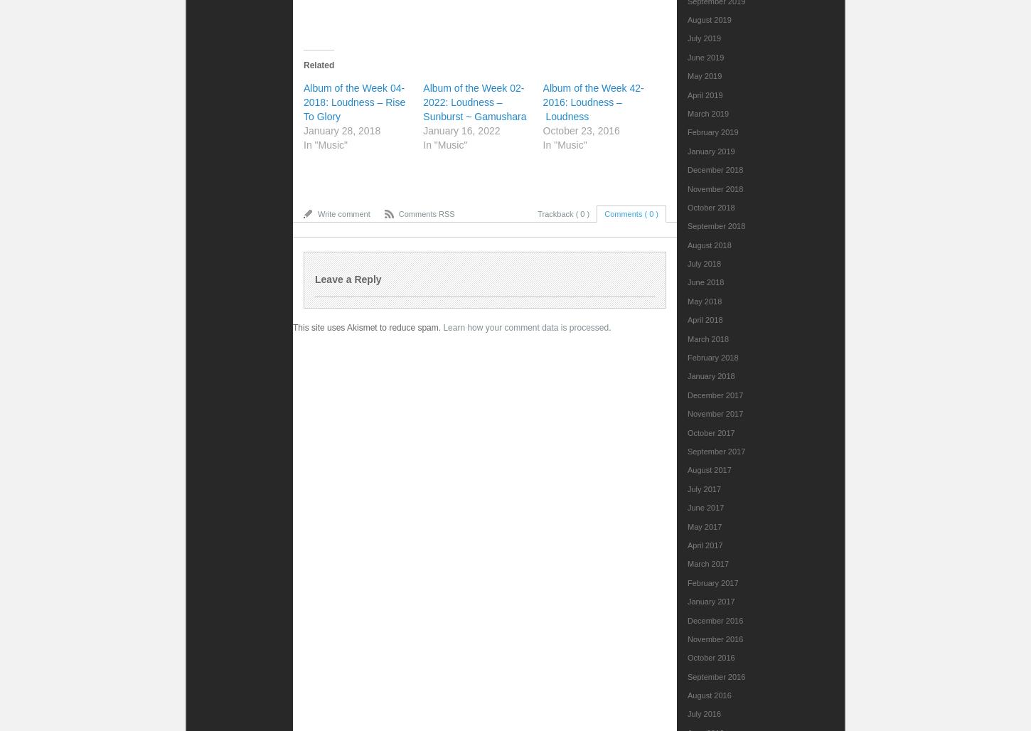 This screenshot has height=731, width=1031. Describe the element at coordinates (712, 582) in the screenshot. I see `'February 2017'` at that location.